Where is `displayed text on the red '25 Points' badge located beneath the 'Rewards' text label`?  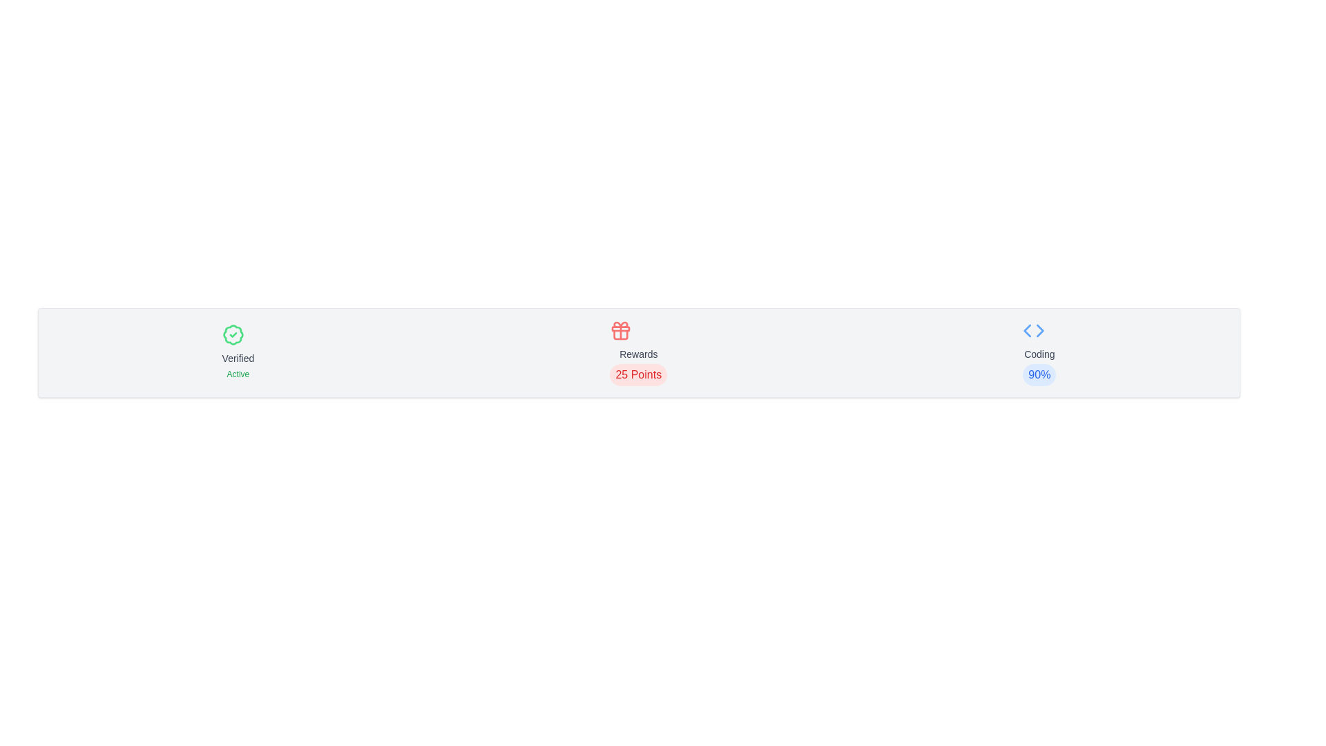 displayed text on the red '25 Points' badge located beneath the 'Rewards' text label is located at coordinates (637, 375).